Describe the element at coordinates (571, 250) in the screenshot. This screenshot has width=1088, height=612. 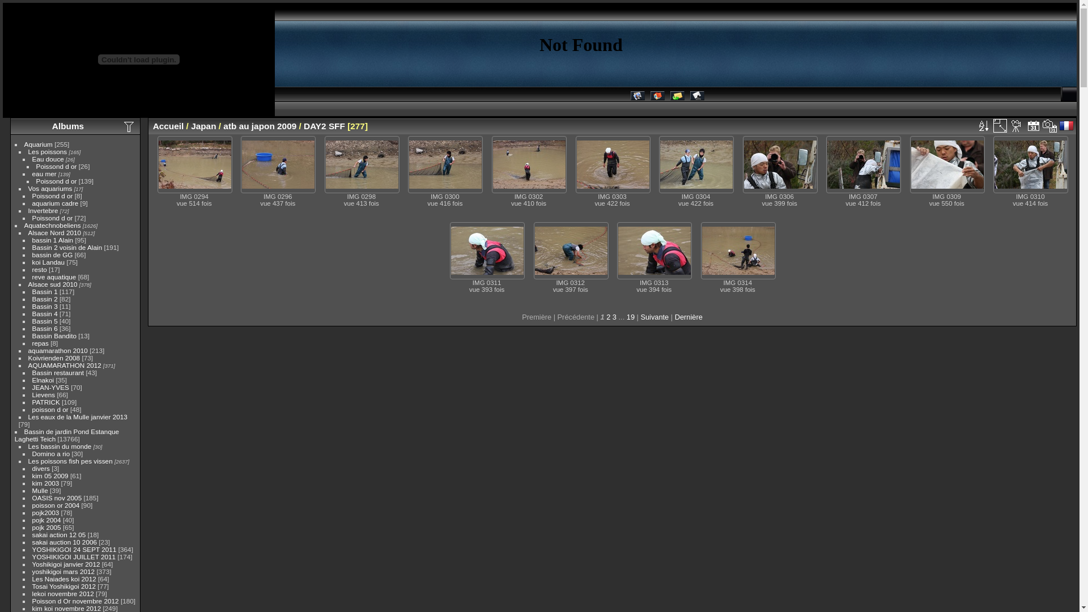
I see `'IMG 0312 (397 visites)'` at that location.